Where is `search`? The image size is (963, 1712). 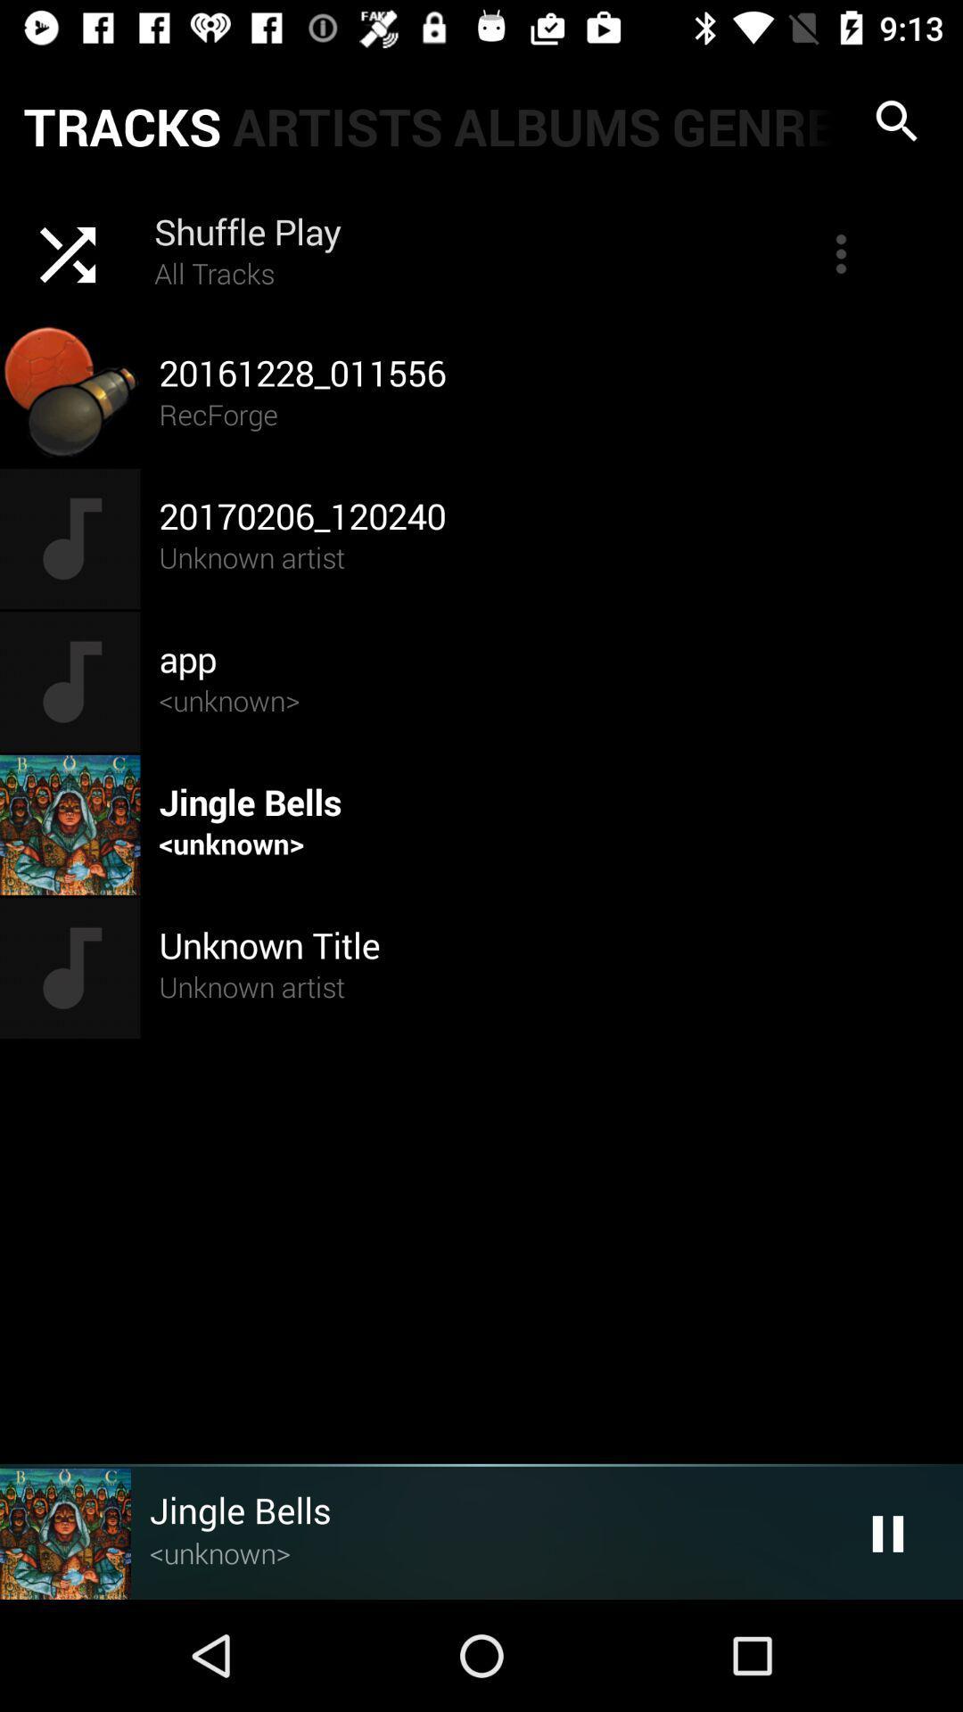
search is located at coordinates (897, 120).